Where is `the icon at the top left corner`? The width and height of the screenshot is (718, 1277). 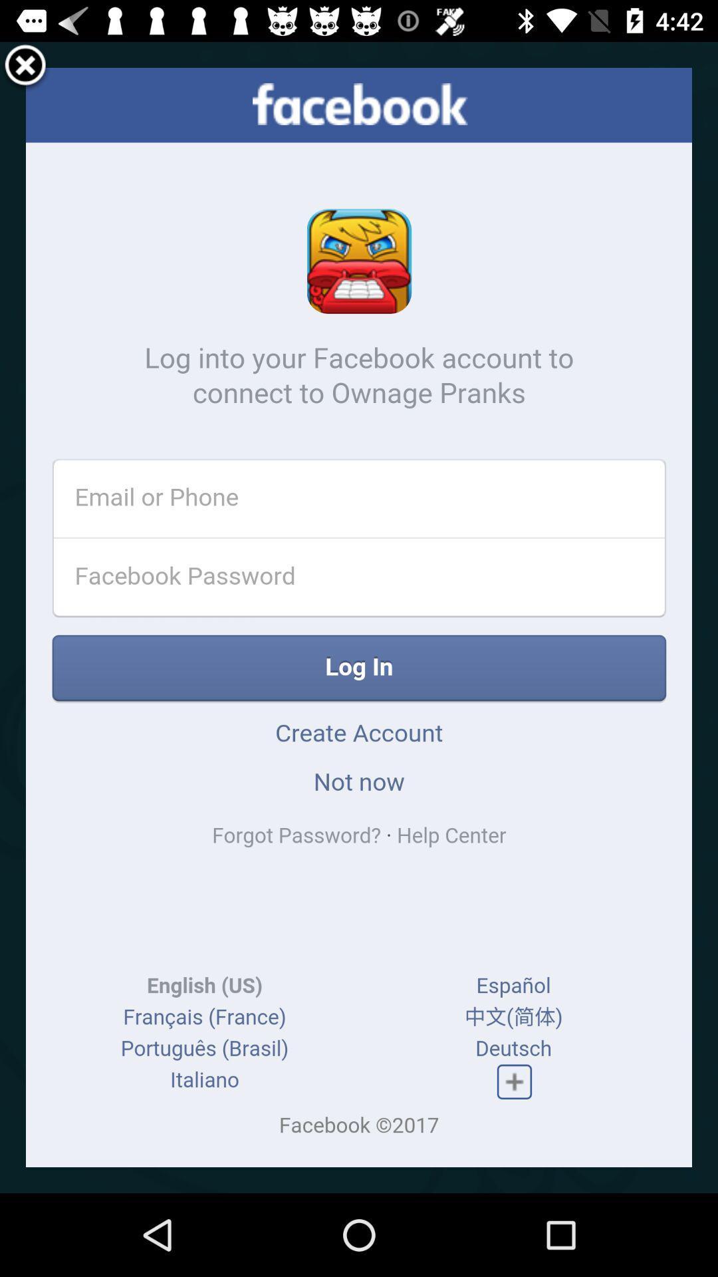
the icon at the top left corner is located at coordinates (25, 67).